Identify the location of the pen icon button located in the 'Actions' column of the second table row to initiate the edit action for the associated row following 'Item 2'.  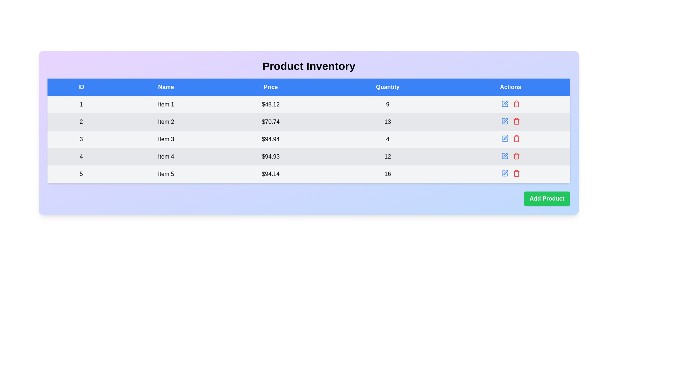
(505, 119).